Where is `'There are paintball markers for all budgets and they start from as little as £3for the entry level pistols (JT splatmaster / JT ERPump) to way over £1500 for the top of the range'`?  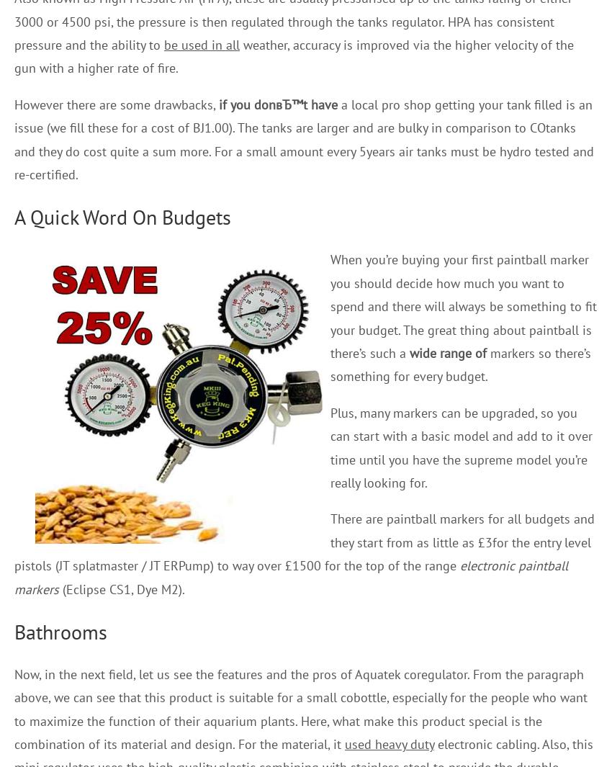 'There are paintball markers for all budgets and they start from as little as £3for the entry level pistols (JT splatmaster / JT ERPump) to way over £1500 for the top of the range' is located at coordinates (13, 542).